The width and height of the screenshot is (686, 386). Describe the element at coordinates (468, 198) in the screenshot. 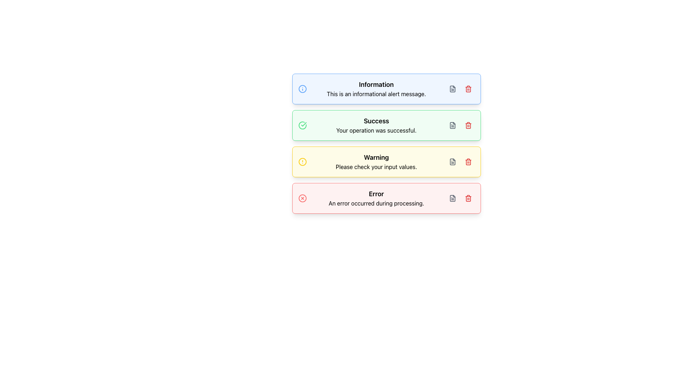

I see `the red trash bin icon located at the right end of the error alert card` at that location.